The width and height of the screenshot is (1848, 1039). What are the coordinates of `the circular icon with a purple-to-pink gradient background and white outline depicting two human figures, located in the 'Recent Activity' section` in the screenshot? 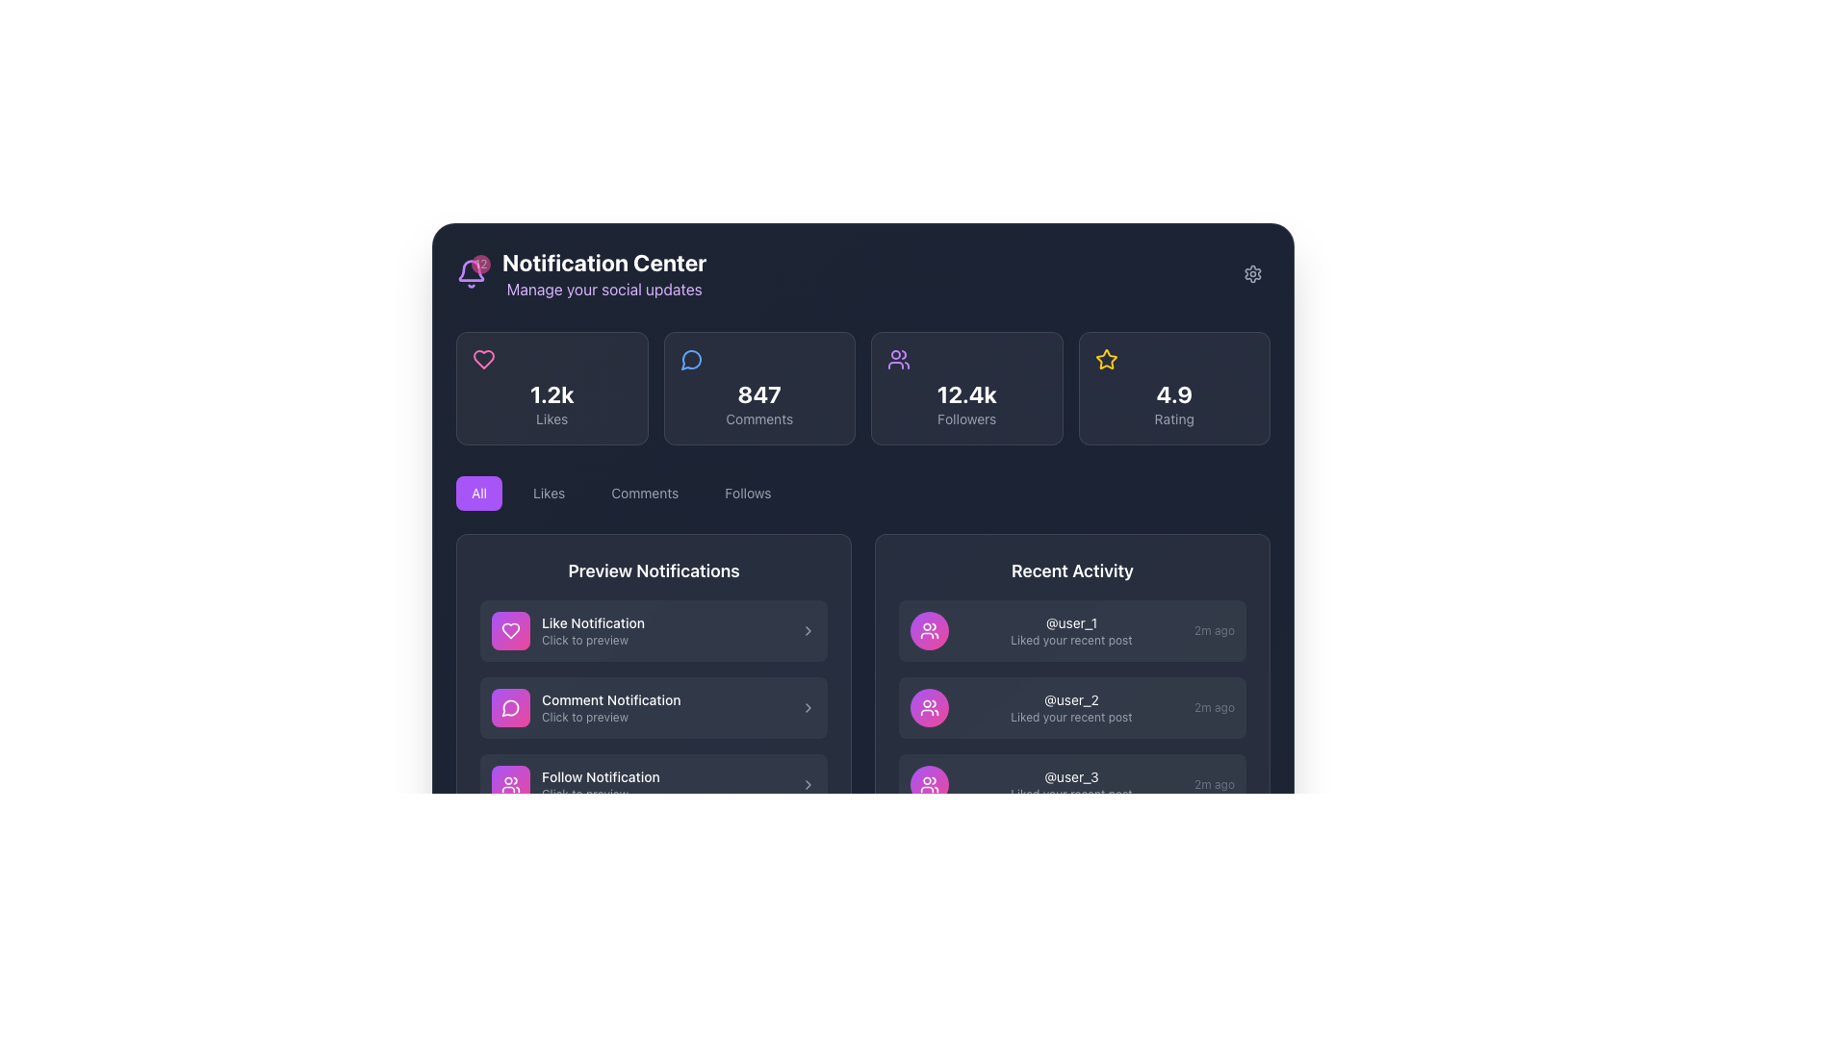 It's located at (929, 708).